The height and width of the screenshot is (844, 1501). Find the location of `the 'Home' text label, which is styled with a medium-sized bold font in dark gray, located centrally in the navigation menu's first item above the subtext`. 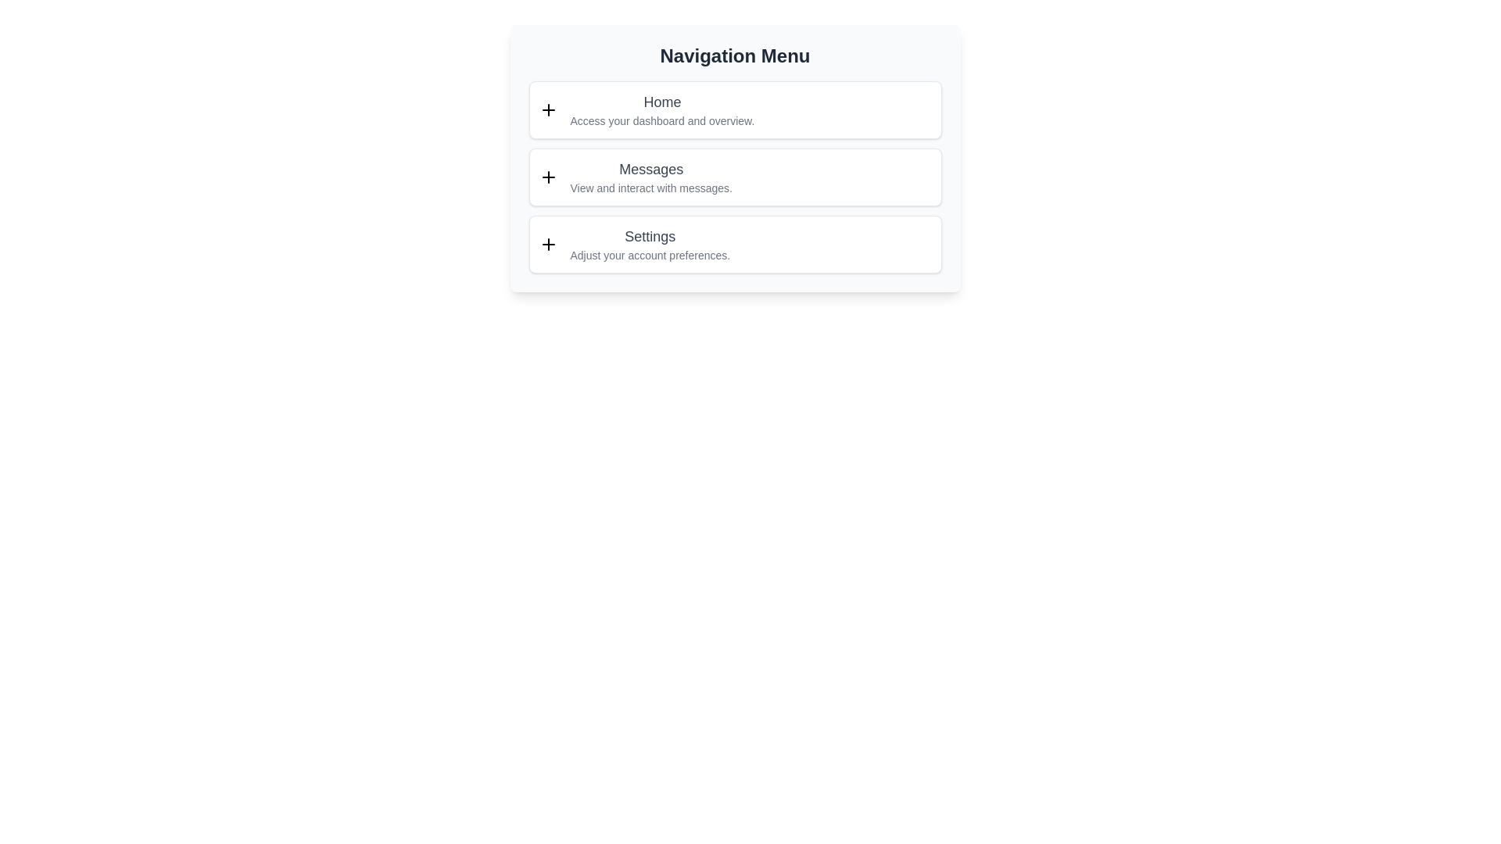

the 'Home' text label, which is styled with a medium-sized bold font in dark gray, located centrally in the navigation menu's first item above the subtext is located at coordinates (662, 102).